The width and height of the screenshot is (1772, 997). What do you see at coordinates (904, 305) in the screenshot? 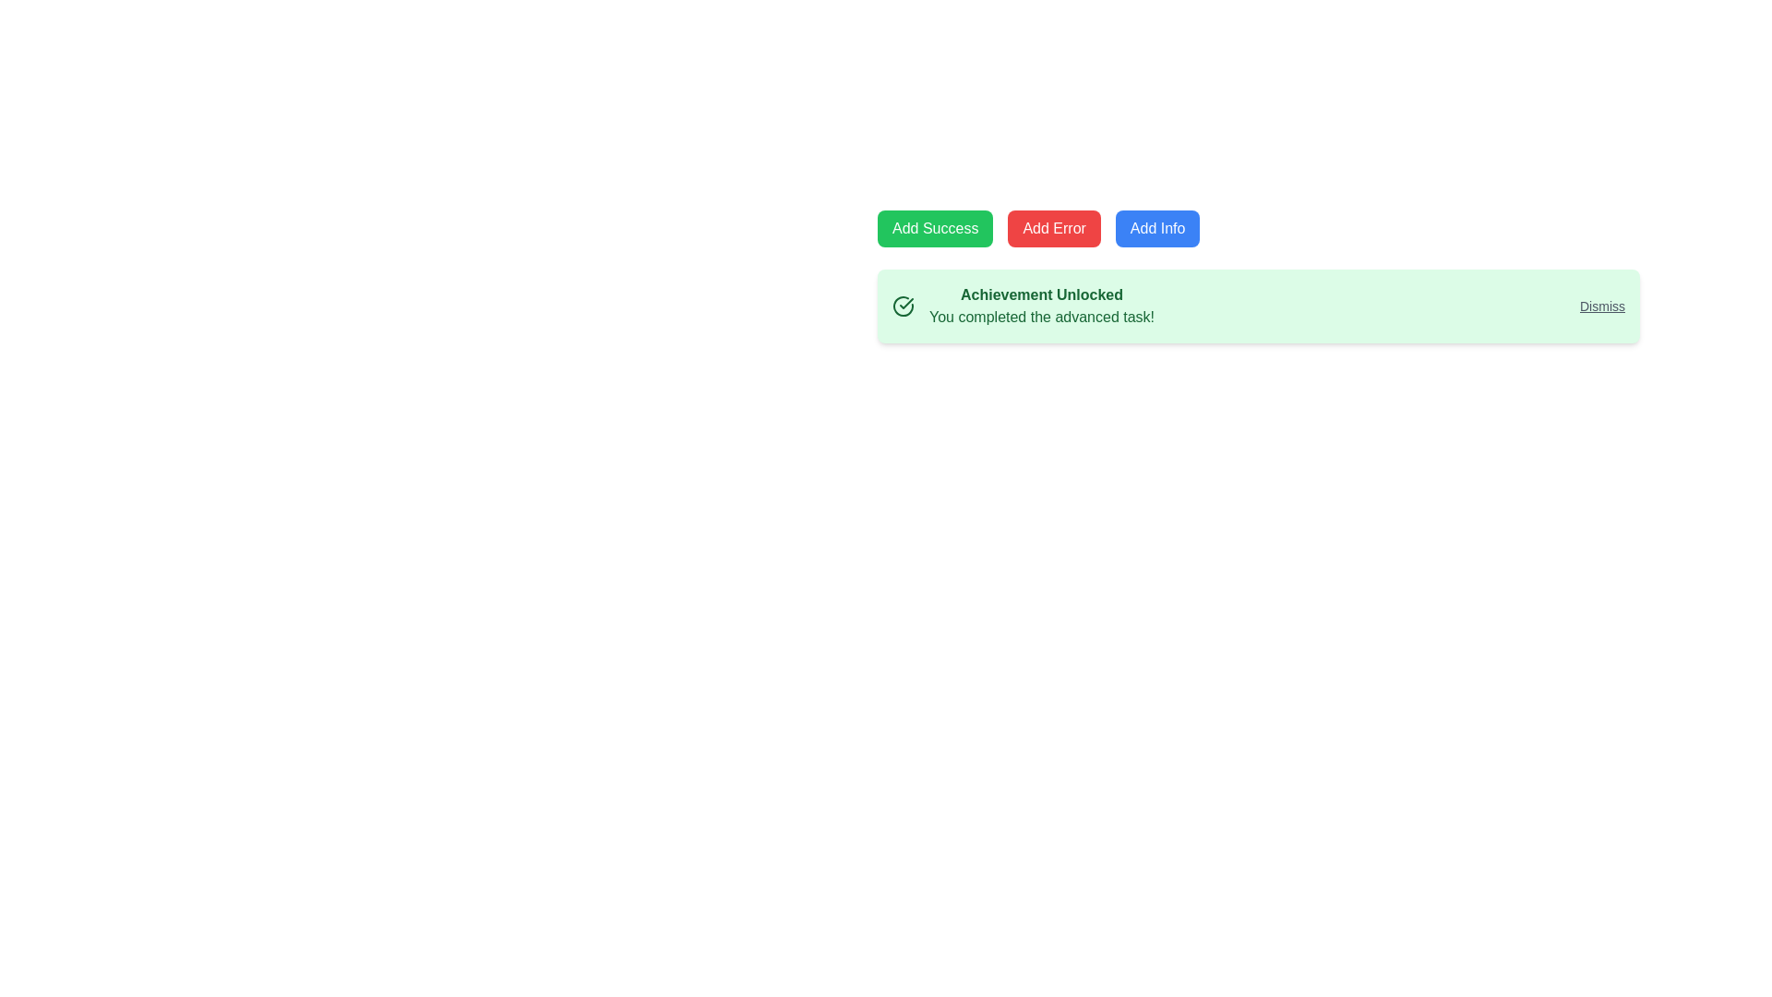
I see `the circular checkmark icon located inside the green notification panel that indicates 'Achievement Unlocked'` at bounding box center [904, 305].